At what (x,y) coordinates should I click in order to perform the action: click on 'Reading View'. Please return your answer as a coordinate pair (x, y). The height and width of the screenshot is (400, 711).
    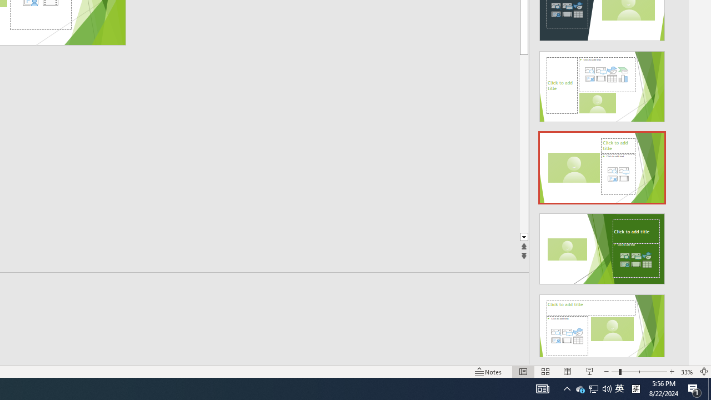
    Looking at the image, I should click on (568, 372).